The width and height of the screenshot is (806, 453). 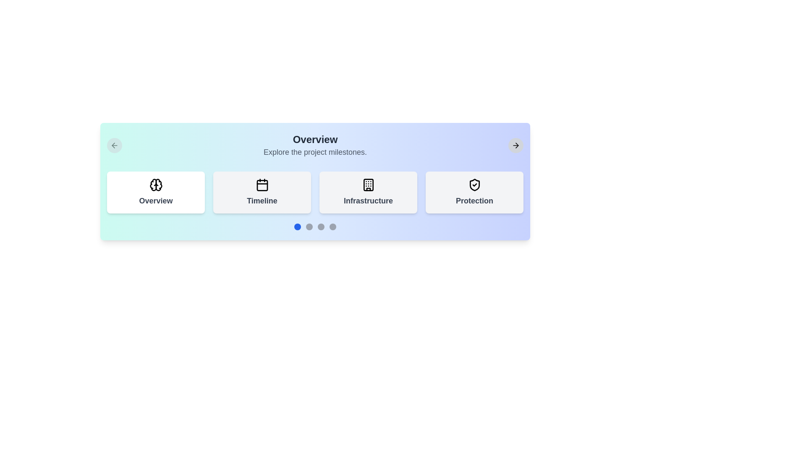 I want to click on the 'Overview' text label, which is a bold gray label centered beneath the brain icon, located at the top-left side of the interface, so click(x=156, y=200).